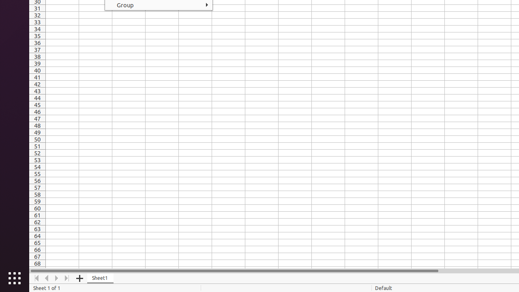  Describe the element at coordinates (56, 278) in the screenshot. I see `'Move Right'` at that location.